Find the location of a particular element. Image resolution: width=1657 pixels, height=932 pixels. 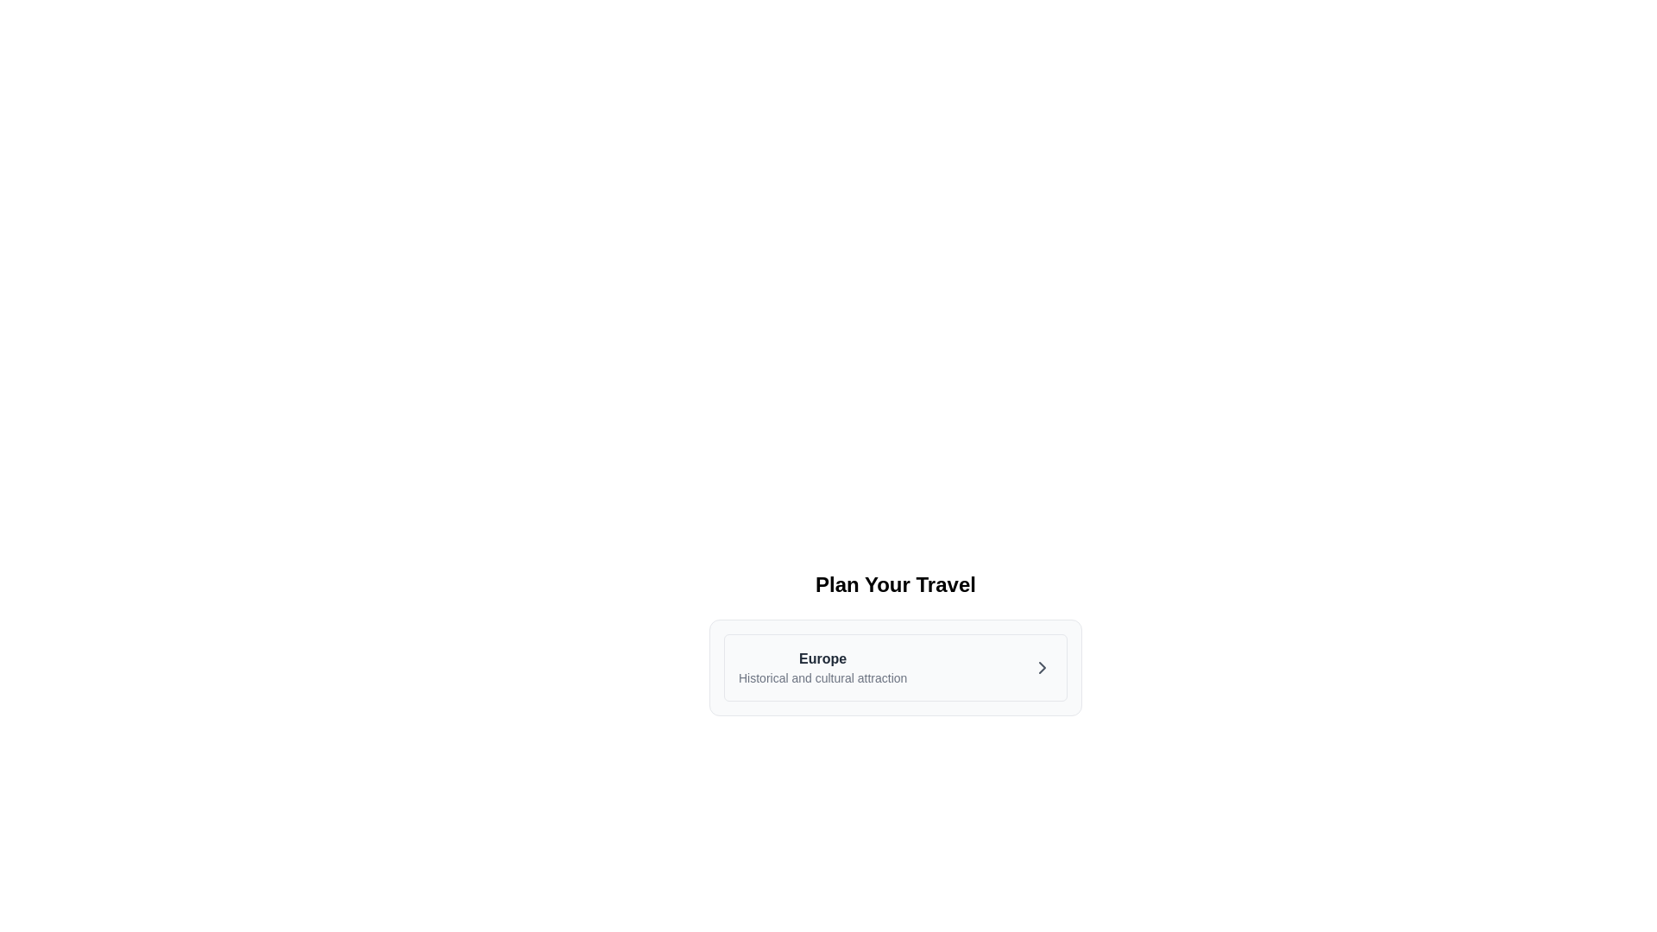

the informational travel planning suggestion card located centrally in the interface is located at coordinates (895, 702).